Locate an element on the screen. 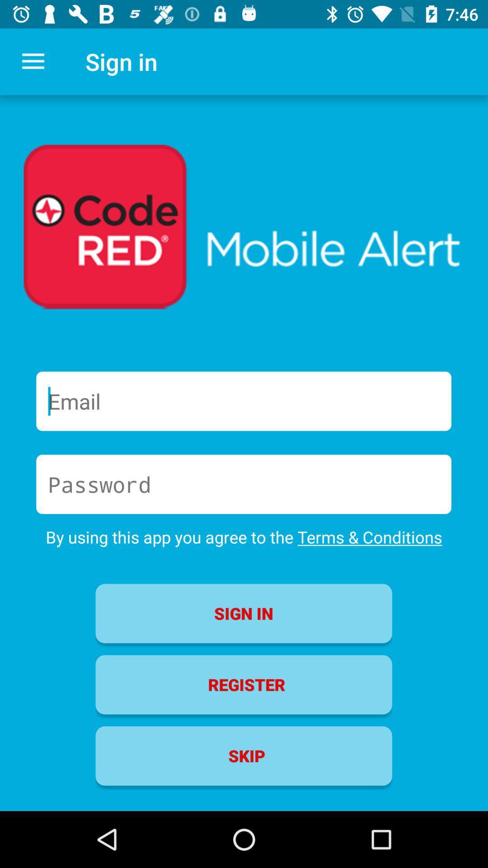  item above skip icon is located at coordinates (243, 684).